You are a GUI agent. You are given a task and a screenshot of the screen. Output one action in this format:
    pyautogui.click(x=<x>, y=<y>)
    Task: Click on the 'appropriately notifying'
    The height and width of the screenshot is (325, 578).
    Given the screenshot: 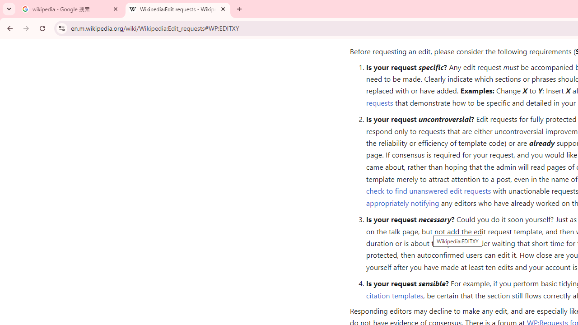 What is the action you would take?
    pyautogui.click(x=402, y=202)
    